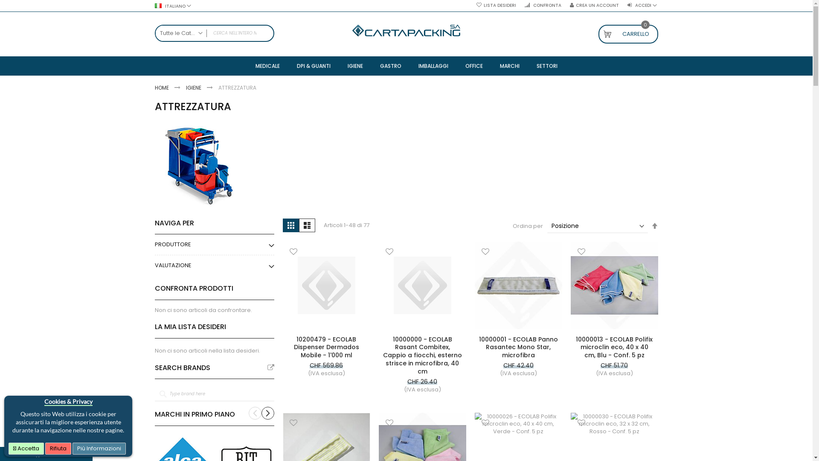 The width and height of the screenshot is (819, 461). What do you see at coordinates (496, 5) in the screenshot?
I see `'LISTA DESIDERI'` at bounding box center [496, 5].